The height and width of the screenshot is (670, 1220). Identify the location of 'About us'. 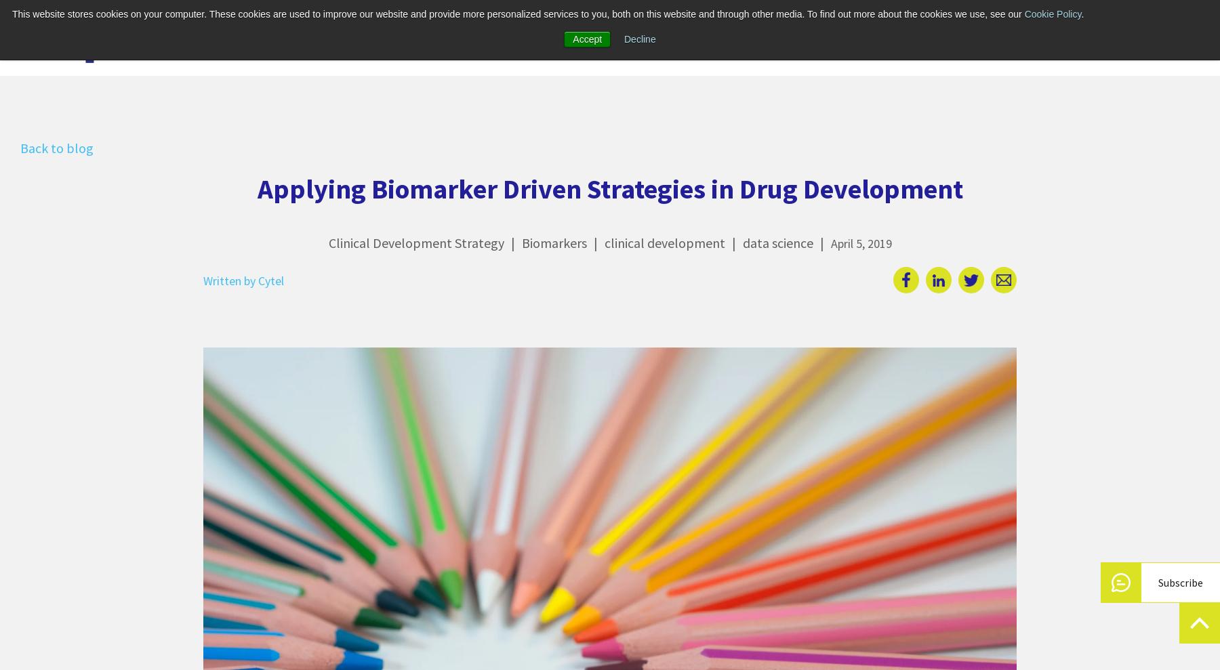
(752, 39).